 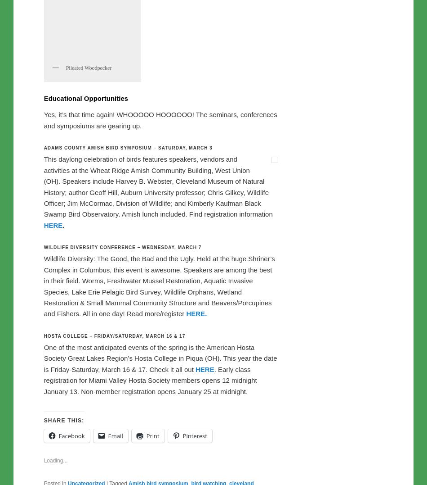 I want to click on ', a biologist with ODNR’s Division of Wildlife, who was interviewed on  NPR’s', so click(x=156, y=47).